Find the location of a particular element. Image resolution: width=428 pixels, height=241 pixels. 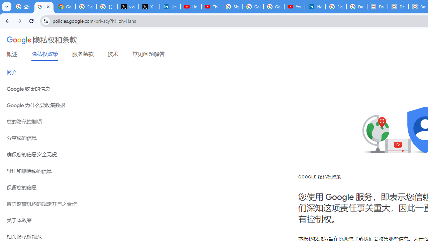

'X' is located at coordinates (149, 7).